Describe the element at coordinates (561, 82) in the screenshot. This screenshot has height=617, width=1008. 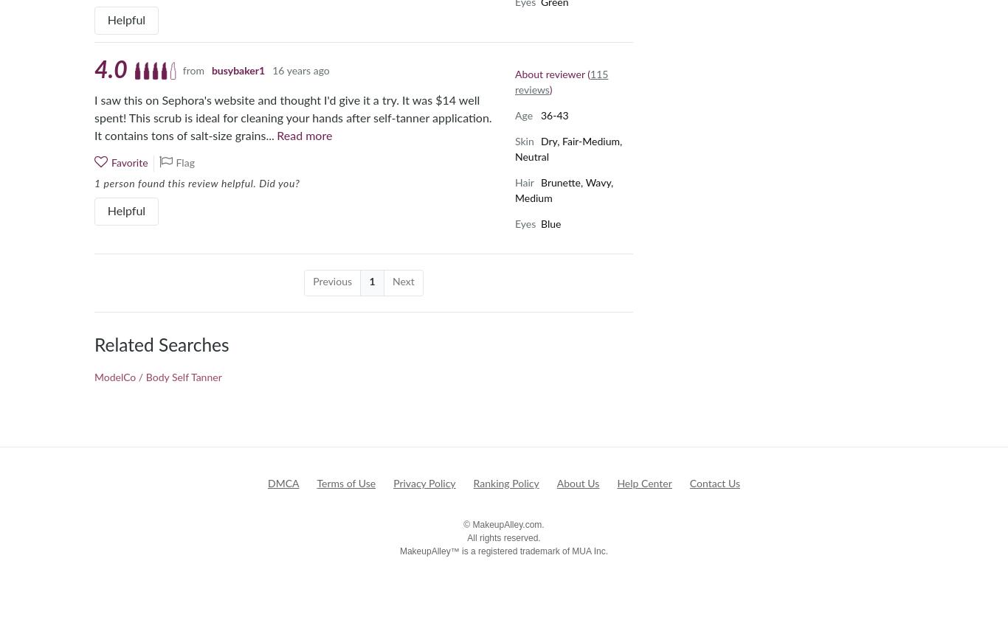
I see `'115 reviews'` at that location.